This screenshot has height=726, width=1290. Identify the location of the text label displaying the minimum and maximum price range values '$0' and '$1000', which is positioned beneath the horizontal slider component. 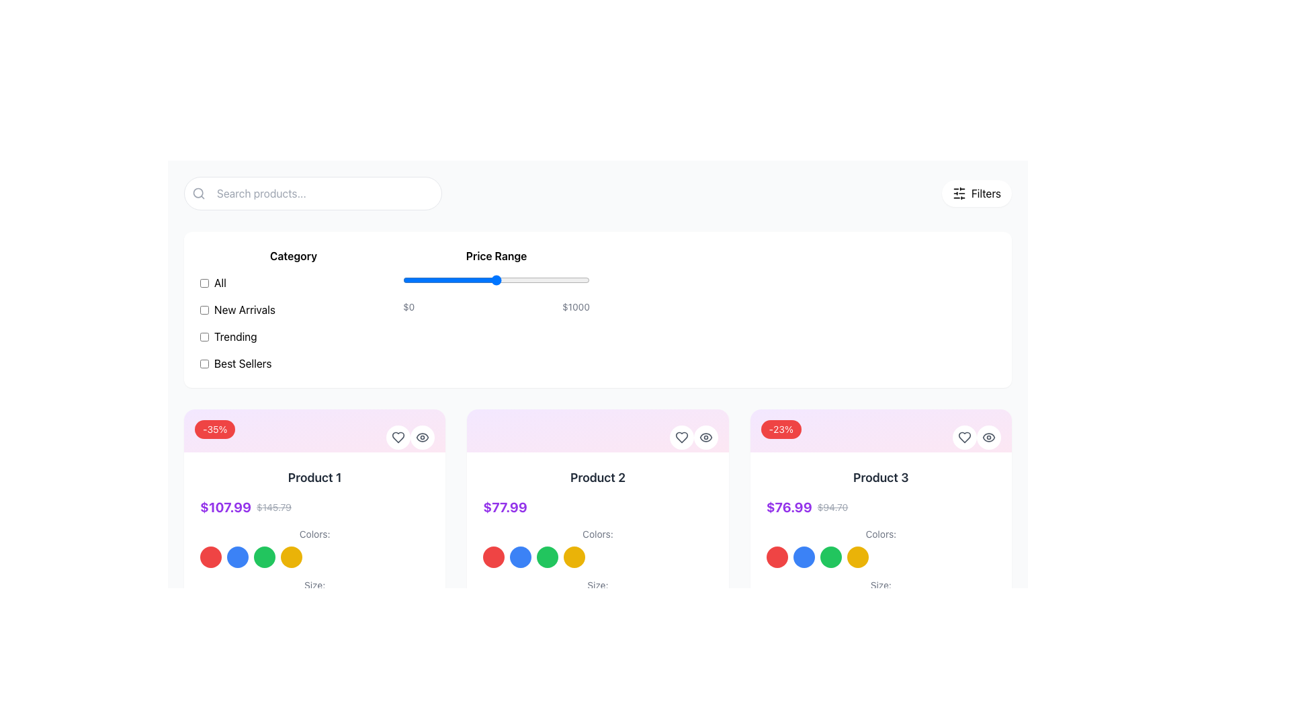
(496, 307).